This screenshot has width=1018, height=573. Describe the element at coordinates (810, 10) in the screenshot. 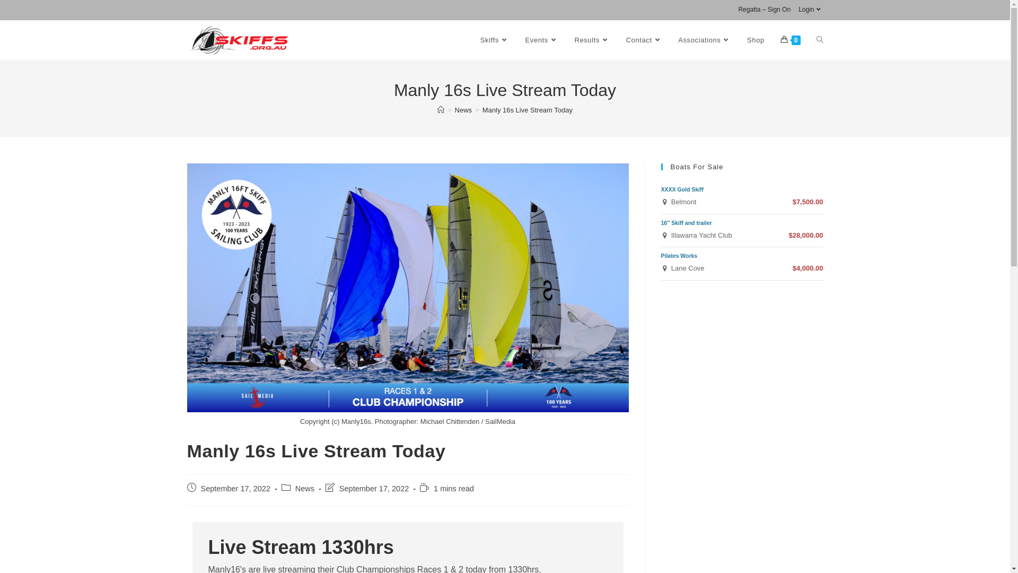

I see `'Login'` at that location.